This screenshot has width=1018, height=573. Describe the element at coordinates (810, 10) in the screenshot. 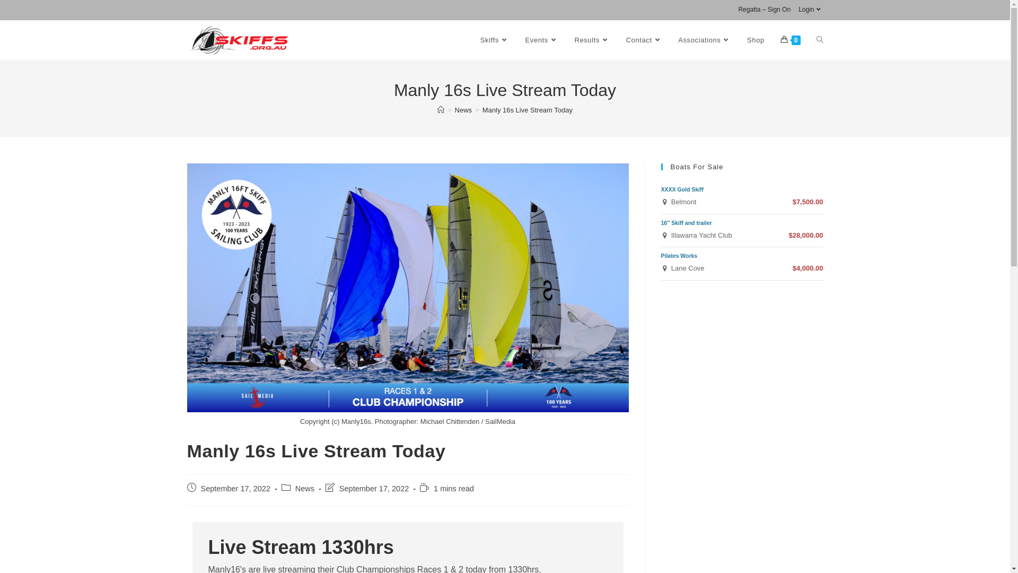

I see `'Login'` at that location.